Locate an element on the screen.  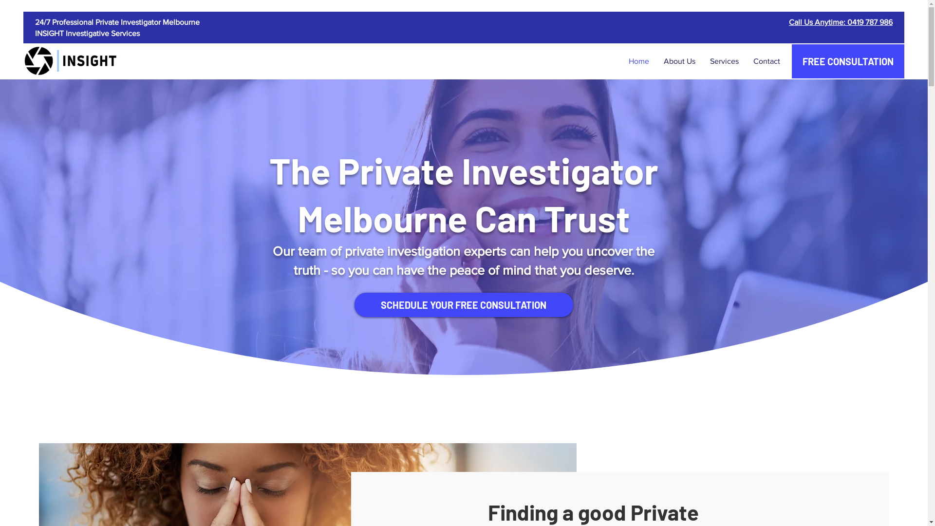
'FREE CONSULTATION' is located at coordinates (847, 61).